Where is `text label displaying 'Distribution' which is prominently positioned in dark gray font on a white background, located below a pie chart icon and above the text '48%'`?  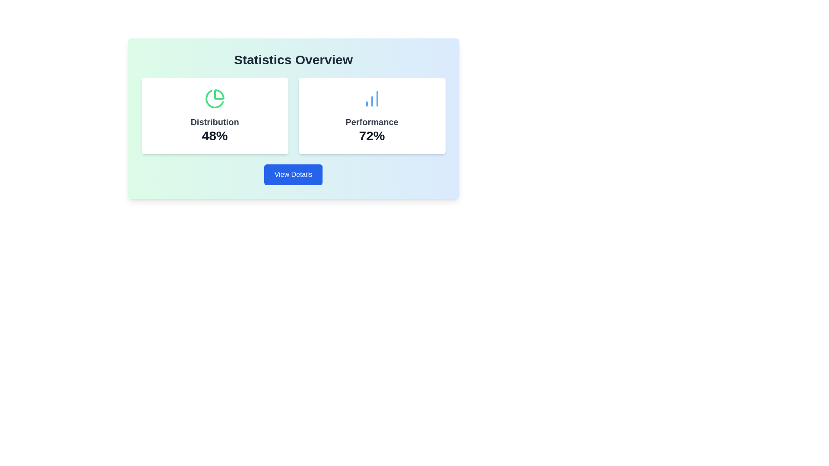
text label displaying 'Distribution' which is prominently positioned in dark gray font on a white background, located below a pie chart icon and above the text '48%' is located at coordinates (215, 122).